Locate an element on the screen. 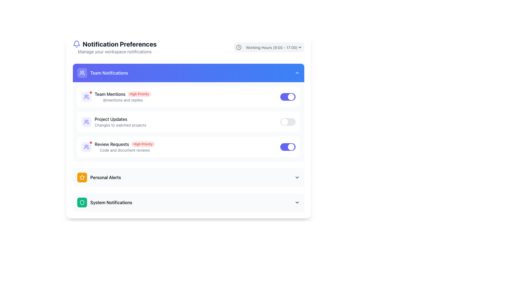 This screenshot has width=524, height=294. the toggle switch located in the 'Team Notifications' section, specifically in the row labeled 'Team Mentions High Priority @mentions and replies' is located at coordinates (288, 96).